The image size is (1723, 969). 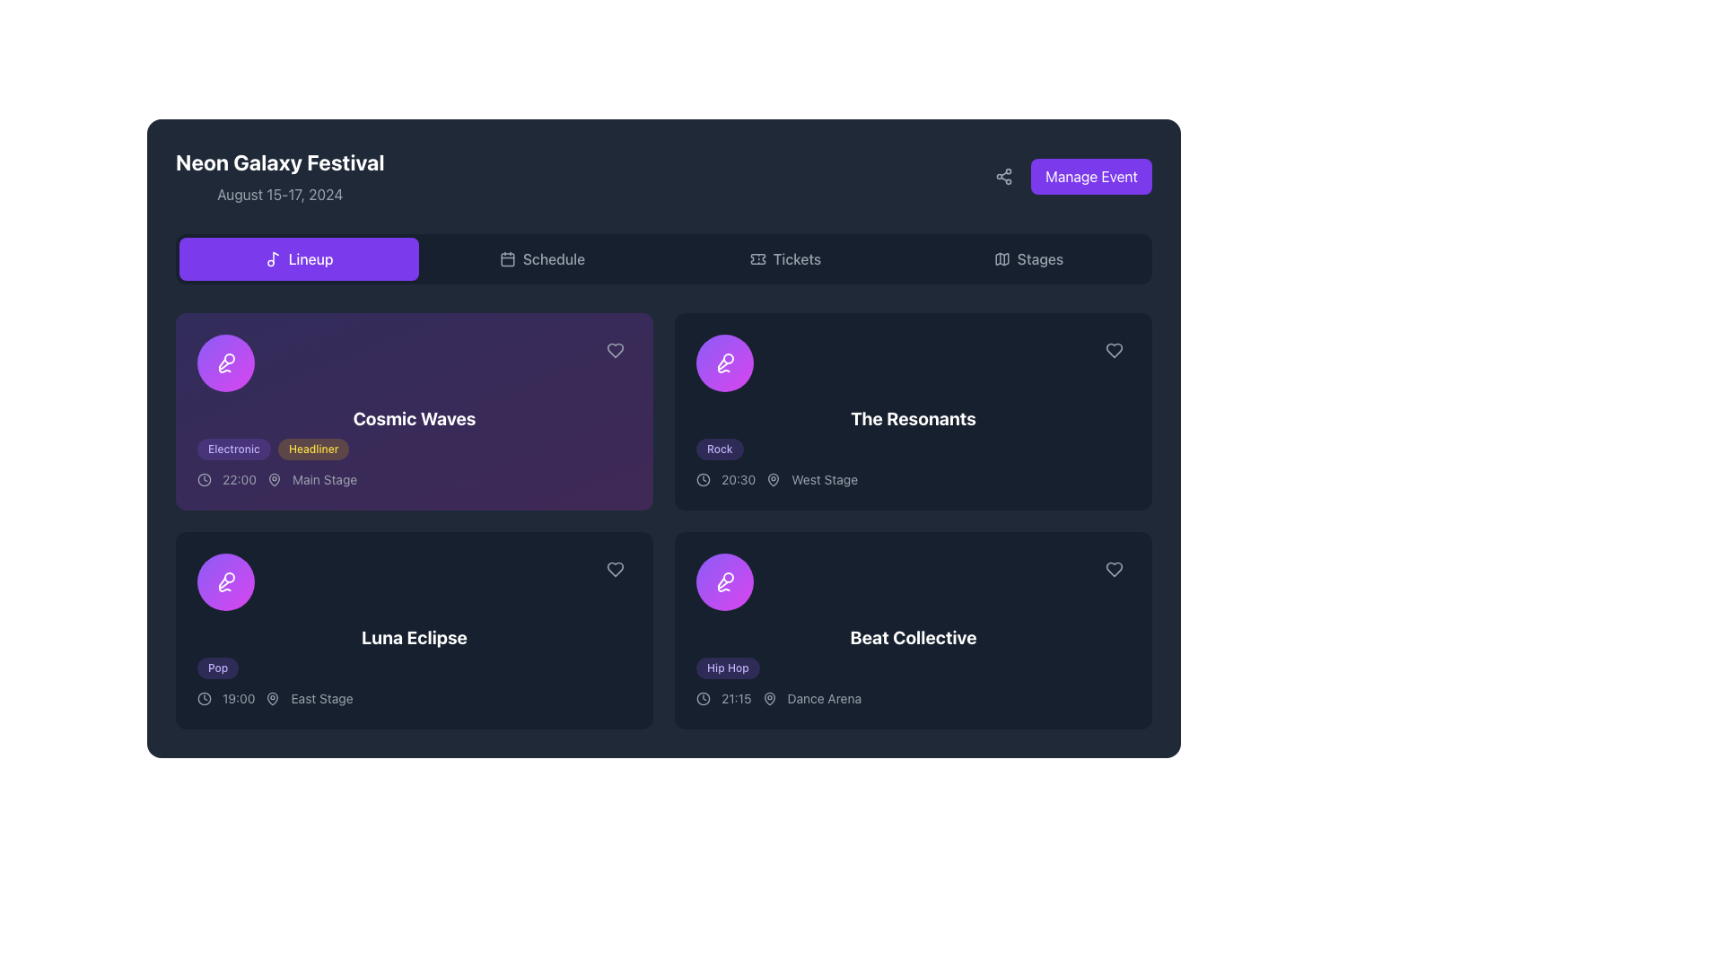 What do you see at coordinates (279, 176) in the screenshot?
I see `the text block that serves as a heading and subtitle for the displayed page, indicating the event name and dates, located at the top-left corner of the UI above the navigation tabs` at bounding box center [279, 176].